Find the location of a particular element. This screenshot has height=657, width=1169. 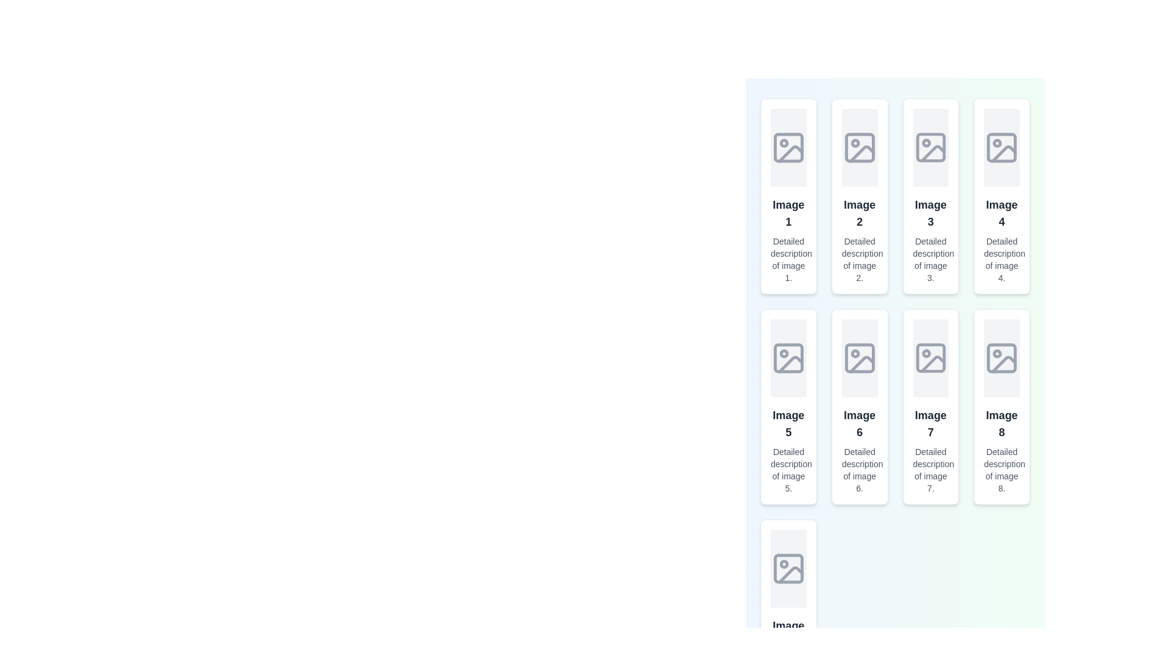

text from the descriptive label located at the bottom of the second card in the grid layout, directly below the title 'Image 2' is located at coordinates (859, 259).